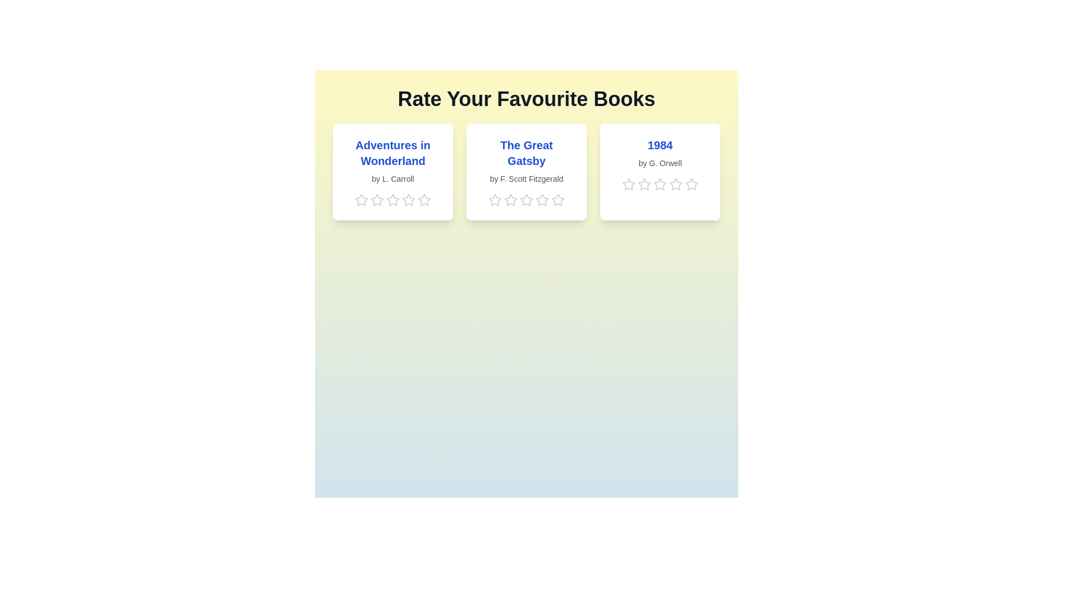 Image resolution: width=1078 pixels, height=606 pixels. I want to click on the 5 star for the book titled 'Adventures in Wonderland', so click(423, 200).